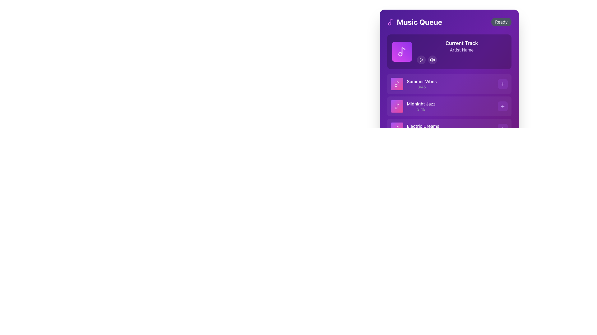 Image resolution: width=597 pixels, height=335 pixels. I want to click on the text label displaying 'Electric Dreams', which is prominently placed on a purple background in the Music Queue, above the duration text '3:45', so click(423, 126).